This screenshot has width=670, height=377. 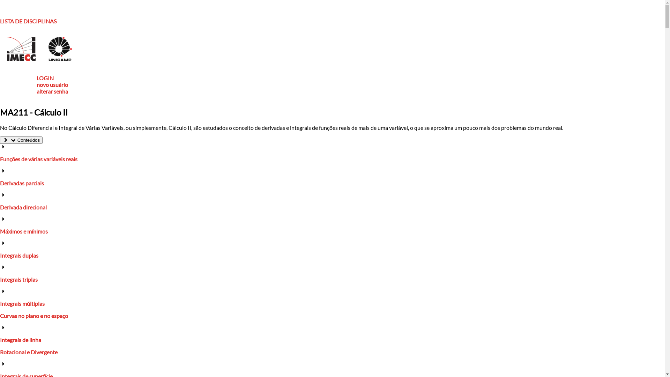 I want to click on 'Derivada direcional', so click(x=0, y=207).